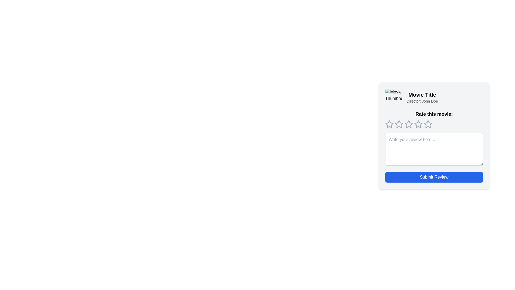 This screenshot has width=515, height=290. I want to click on one of the unfilled star icons in the Rating control, so click(434, 124).